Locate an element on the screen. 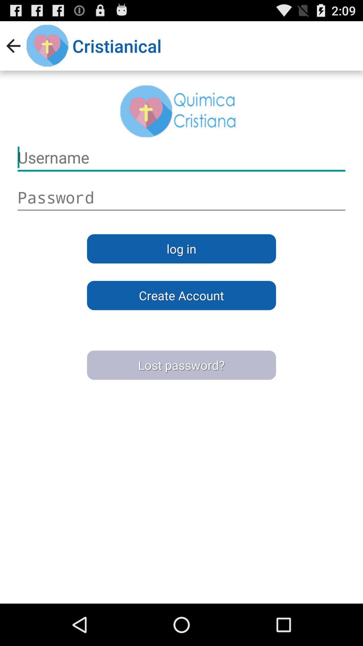 This screenshot has height=646, width=363. item below log in item is located at coordinates (182, 295).